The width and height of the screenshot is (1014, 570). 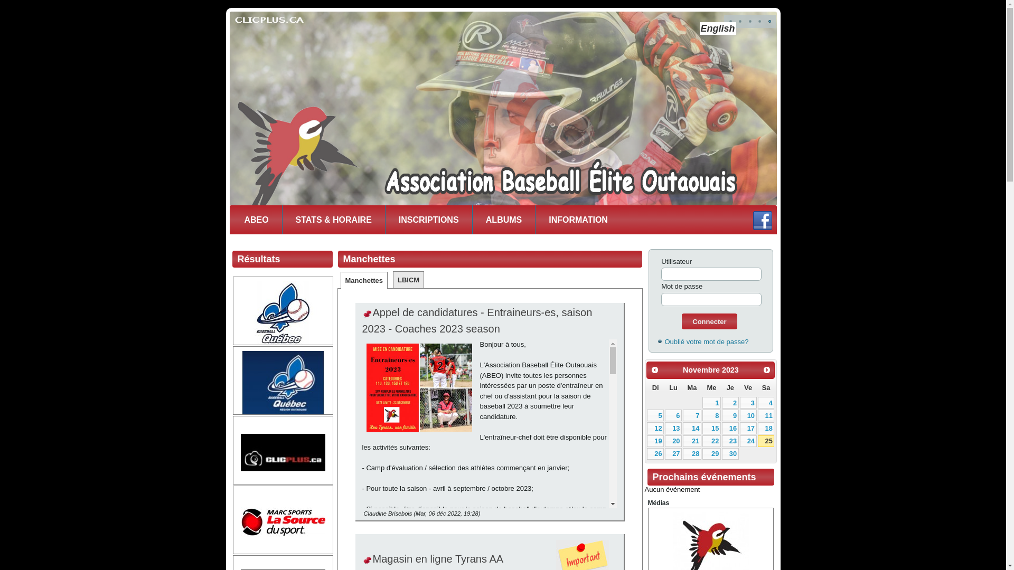 What do you see at coordinates (711, 414) in the screenshot?
I see `'8'` at bounding box center [711, 414].